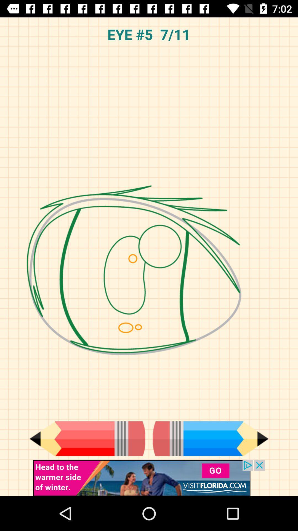 The width and height of the screenshot is (298, 531). Describe the element at coordinates (149, 478) in the screenshot. I see `the option` at that location.